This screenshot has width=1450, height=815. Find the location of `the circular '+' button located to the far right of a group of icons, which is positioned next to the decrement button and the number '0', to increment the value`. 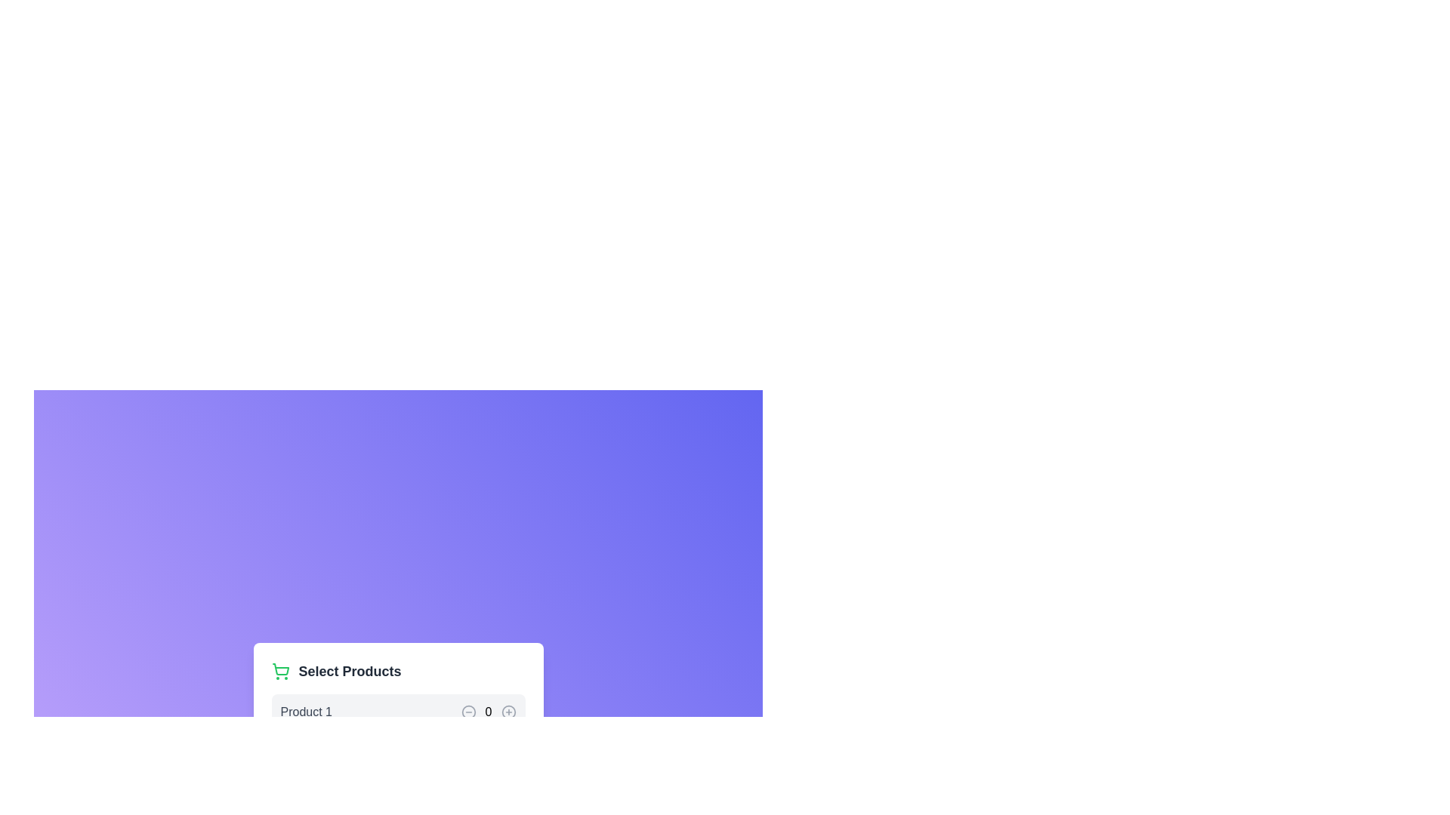

the circular '+' button located to the far right of a group of icons, which is positioned next to the decrement button and the number '0', to increment the value is located at coordinates (508, 712).